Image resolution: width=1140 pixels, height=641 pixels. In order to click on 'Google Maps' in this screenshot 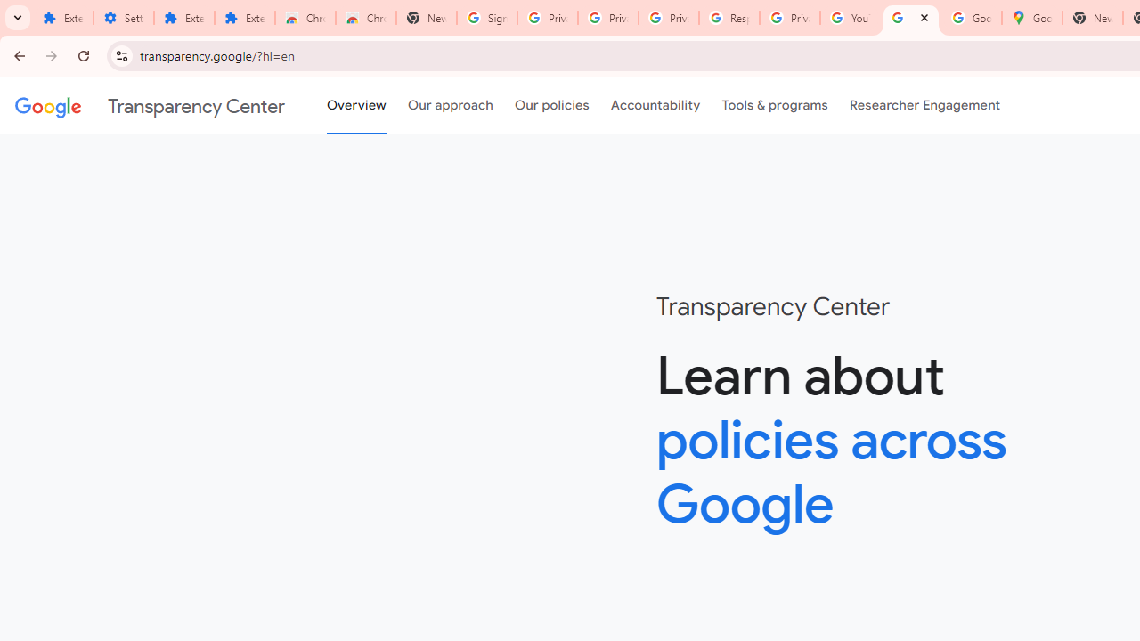, I will do `click(1032, 18)`.